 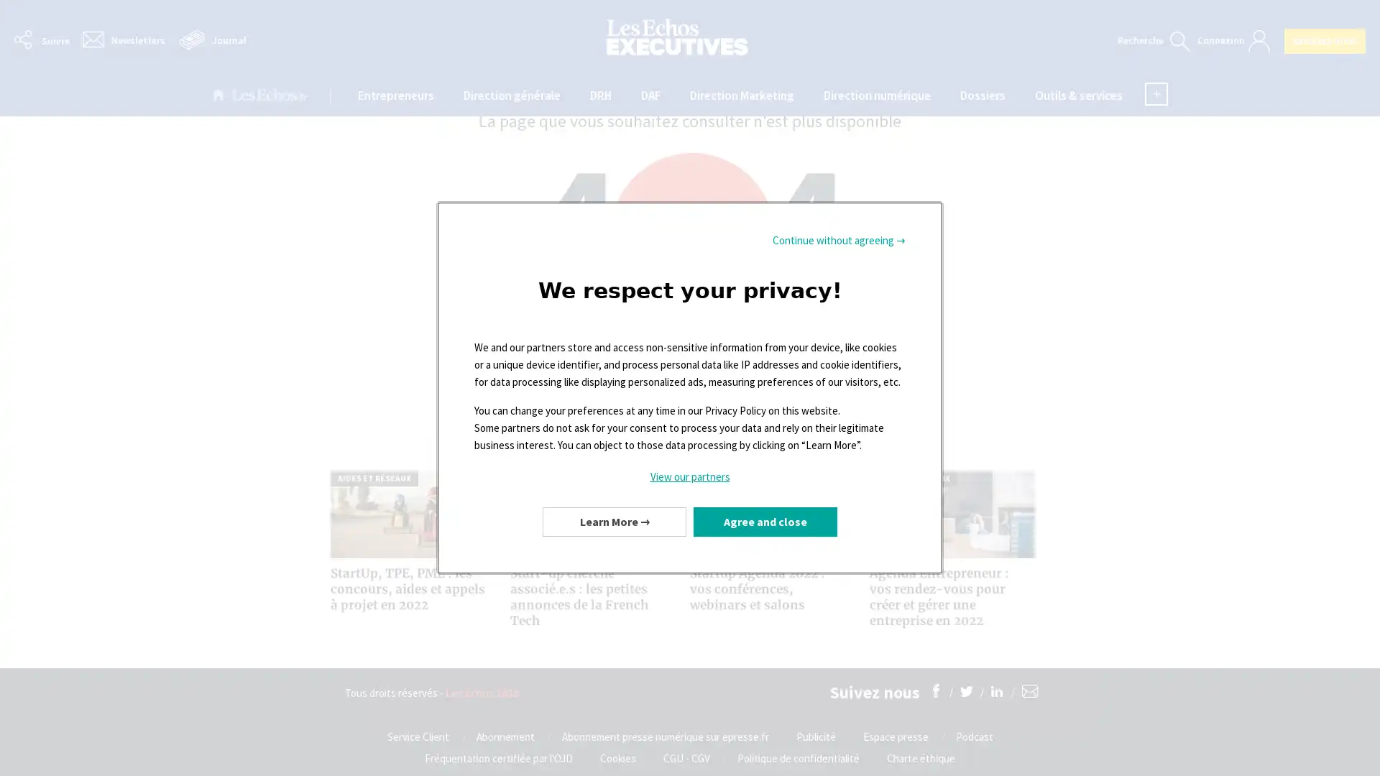 I want to click on View our partners, so click(x=690, y=476).